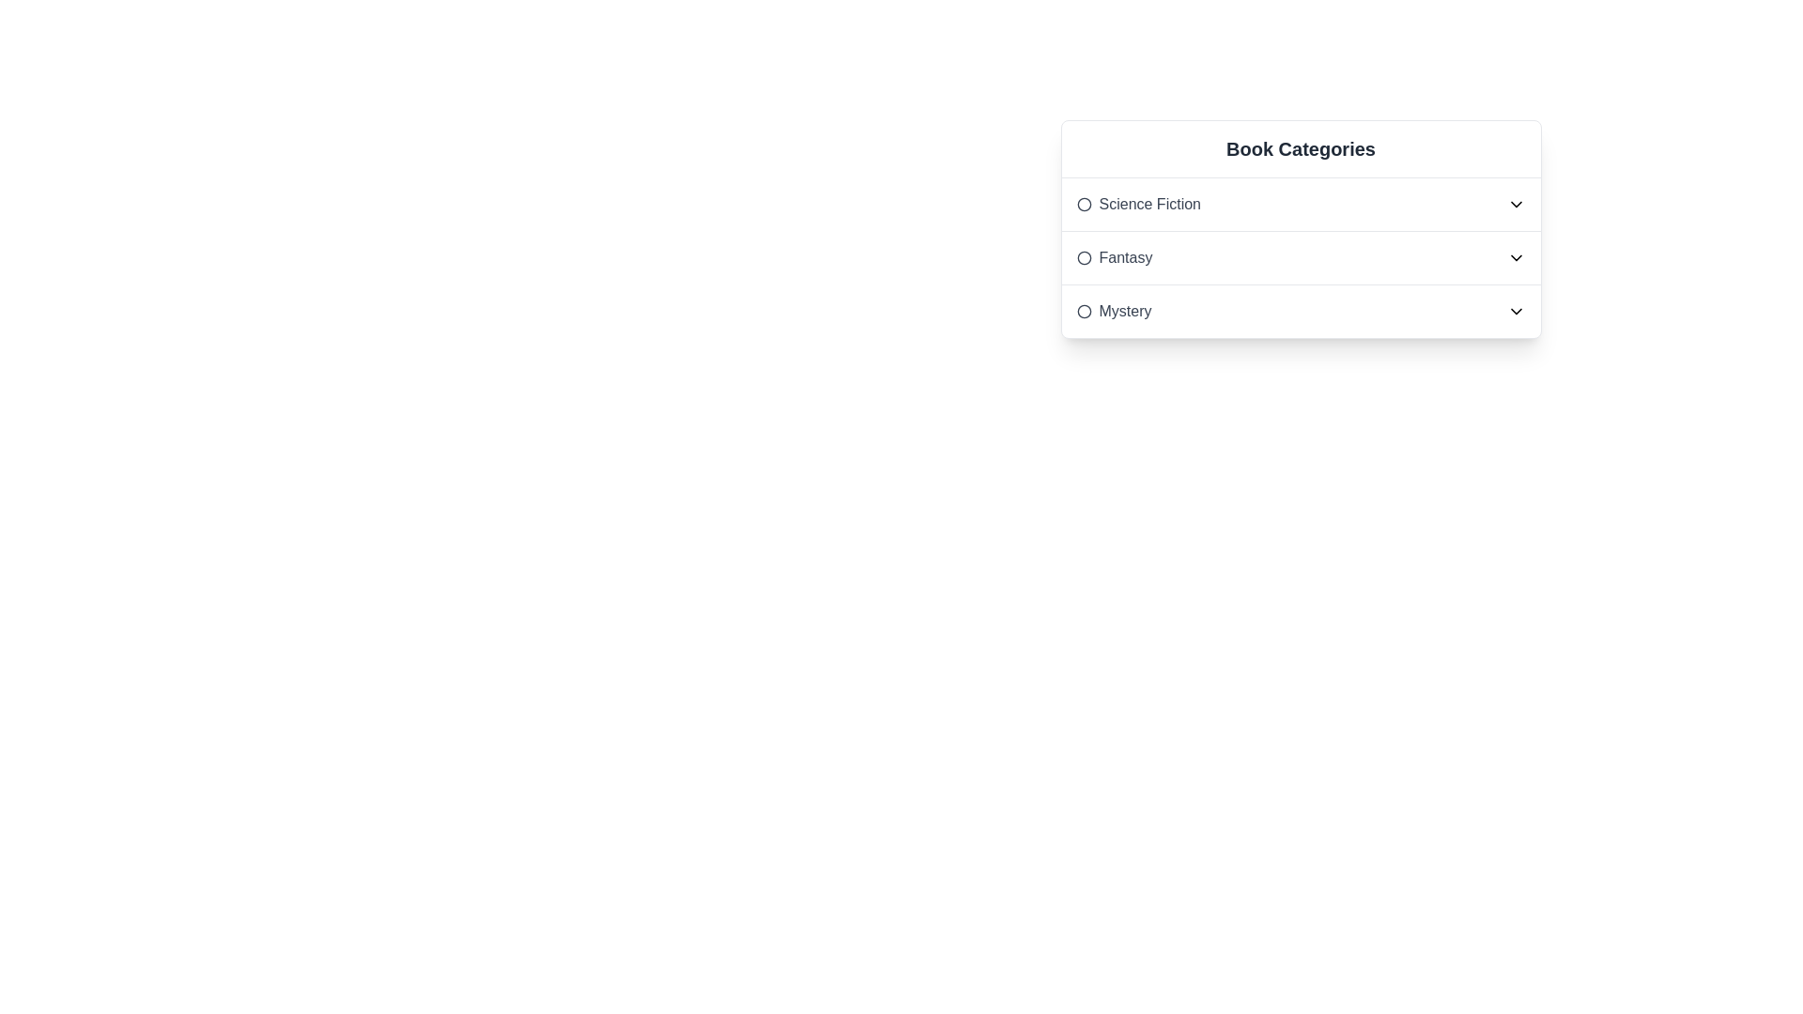 The image size is (1803, 1014). I want to click on the down-chevron icon positioned on the right side of the 'Mystery' row, so click(1516, 310).